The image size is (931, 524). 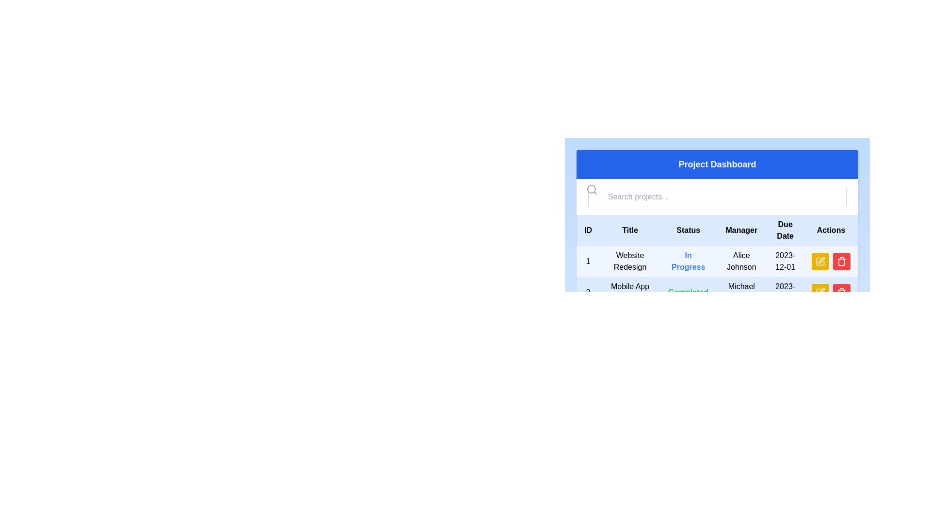 I want to click on the Text label displaying the due date for the 'Mobile App Launch' project in the rightmost cell of the 'Due Date' column in the Project Dashboard, so click(x=785, y=292).